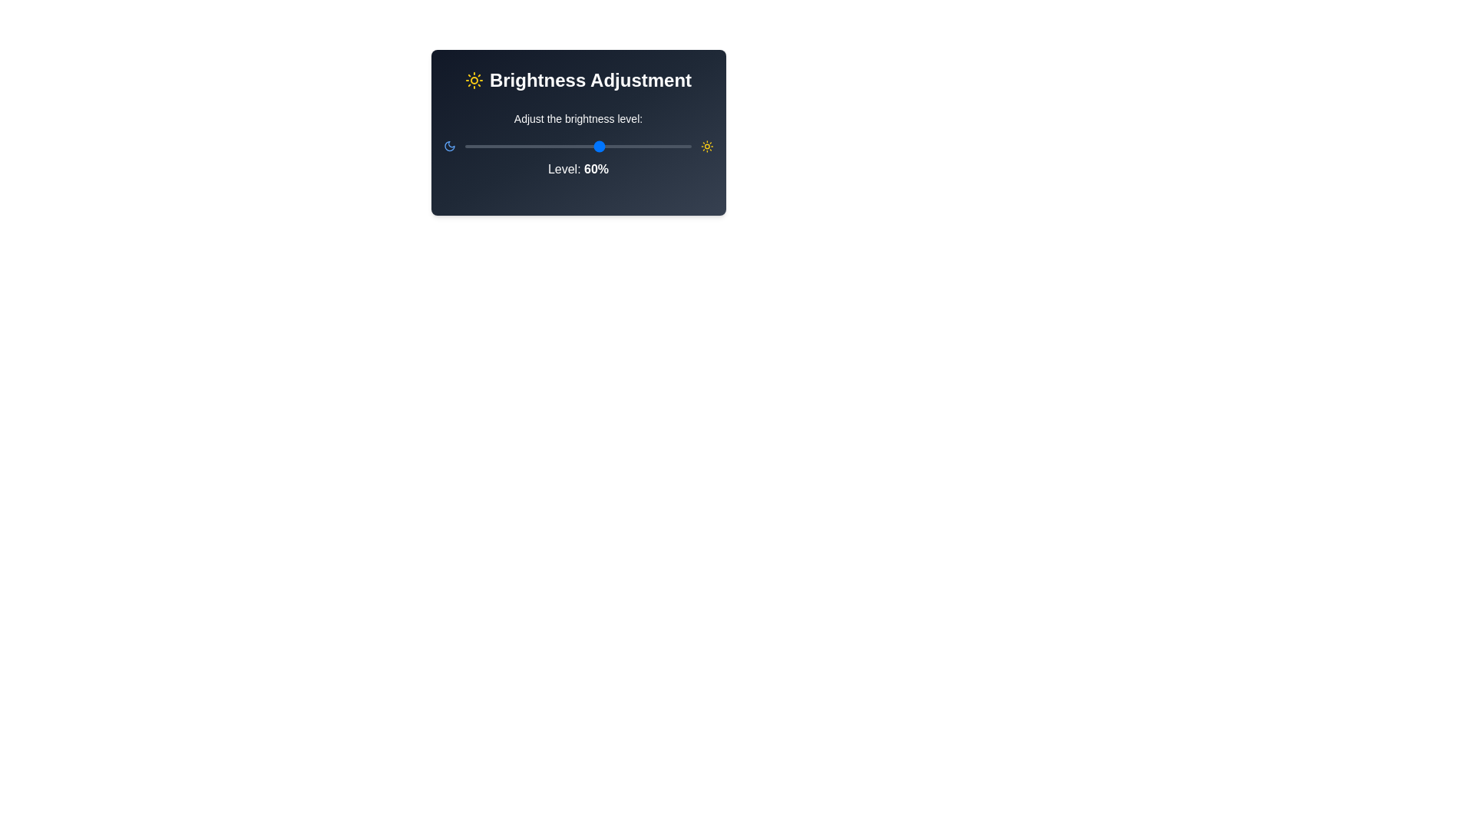 Image resolution: width=1474 pixels, height=829 pixels. What do you see at coordinates (473, 80) in the screenshot?
I see `the brightness adjustment icon located at the top-left of the text area, which visually represents brightness or sunlight` at bounding box center [473, 80].